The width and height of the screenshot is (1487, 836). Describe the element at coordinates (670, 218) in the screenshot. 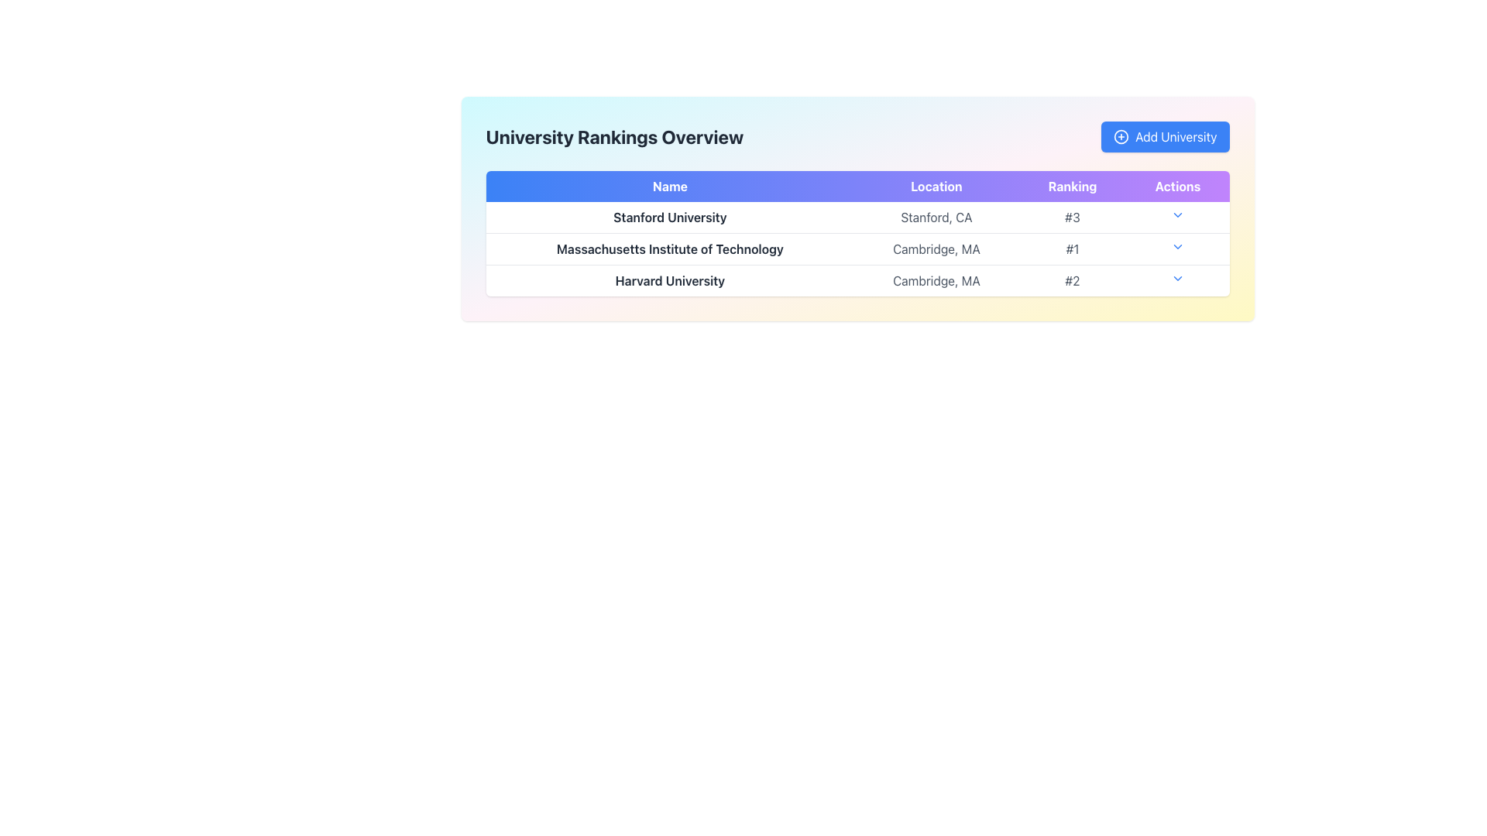

I see `the text label that serves as the title of the university in the first row of the data section under the 'Name' column header` at that location.